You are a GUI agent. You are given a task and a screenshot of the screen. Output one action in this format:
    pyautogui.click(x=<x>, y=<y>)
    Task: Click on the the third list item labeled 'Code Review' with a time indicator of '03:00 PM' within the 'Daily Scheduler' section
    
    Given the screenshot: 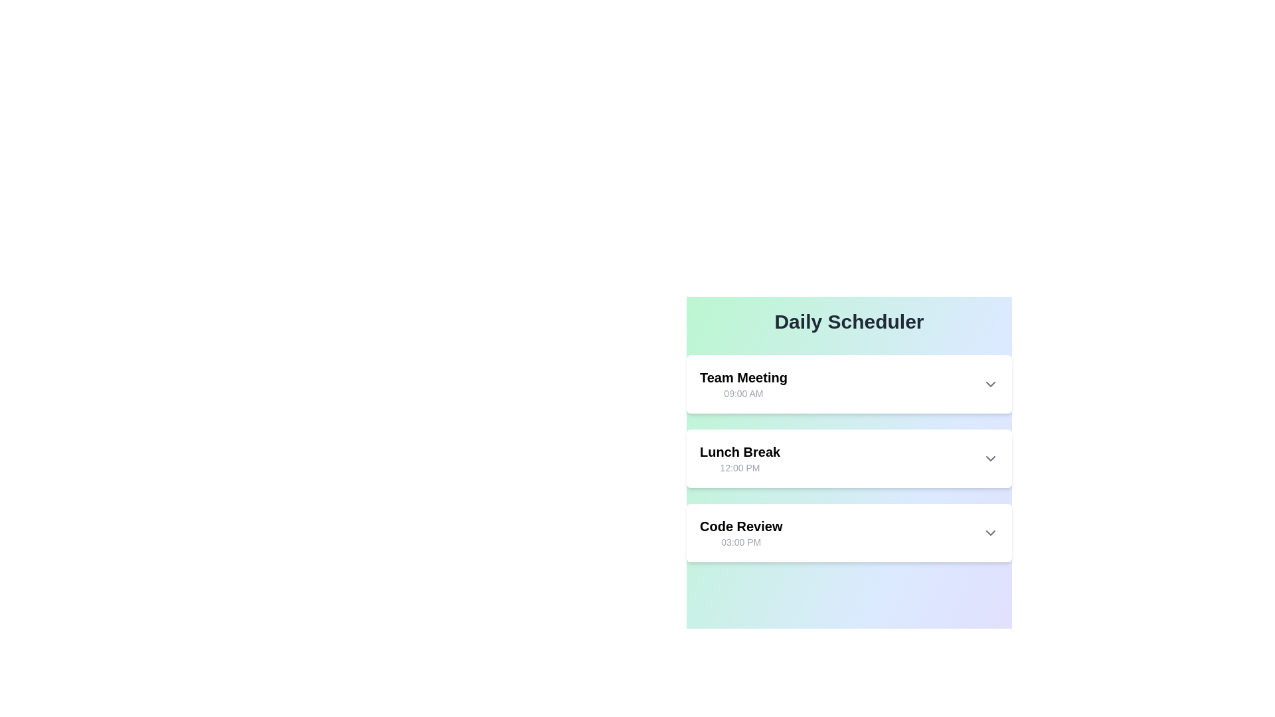 What is the action you would take?
    pyautogui.click(x=740, y=532)
    